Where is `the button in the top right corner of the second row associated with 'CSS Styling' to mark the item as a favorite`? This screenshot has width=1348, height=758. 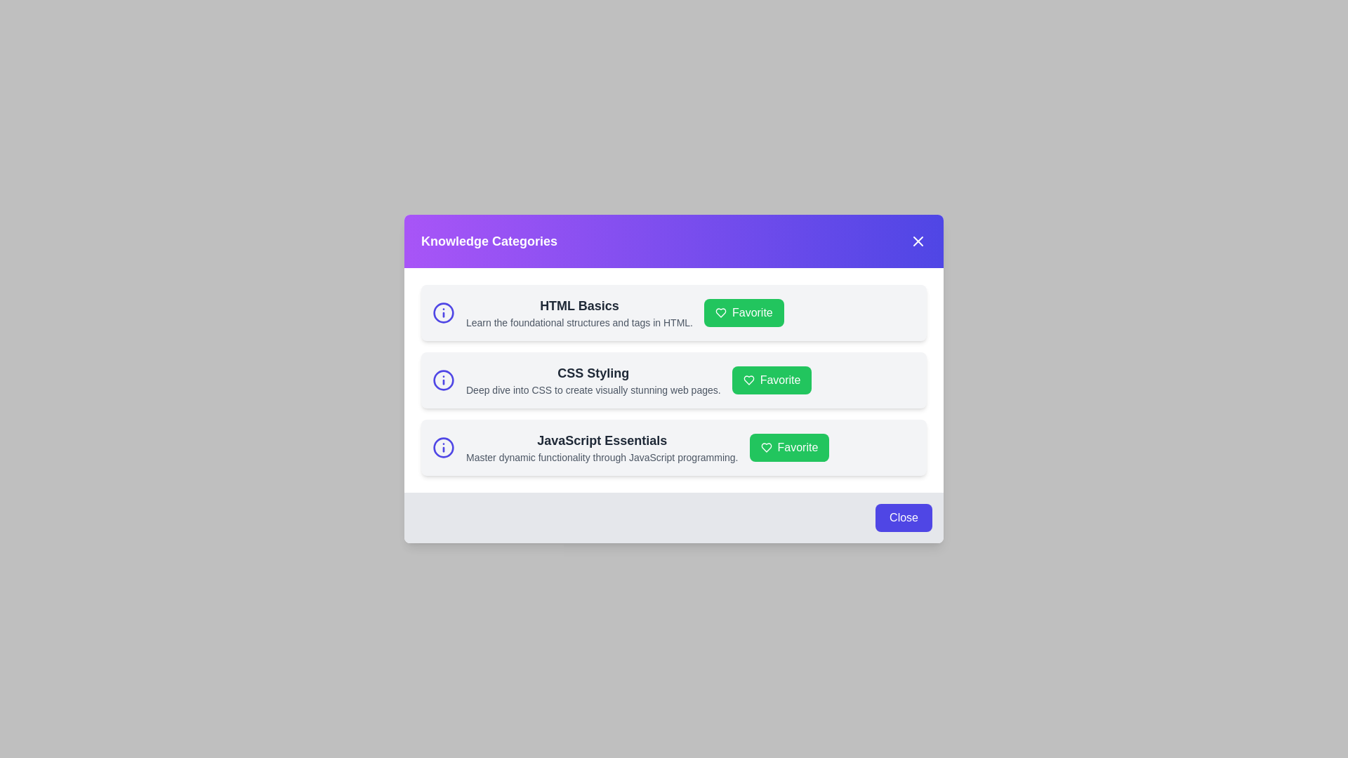
the button in the top right corner of the second row associated with 'CSS Styling' to mark the item as a favorite is located at coordinates (771, 380).